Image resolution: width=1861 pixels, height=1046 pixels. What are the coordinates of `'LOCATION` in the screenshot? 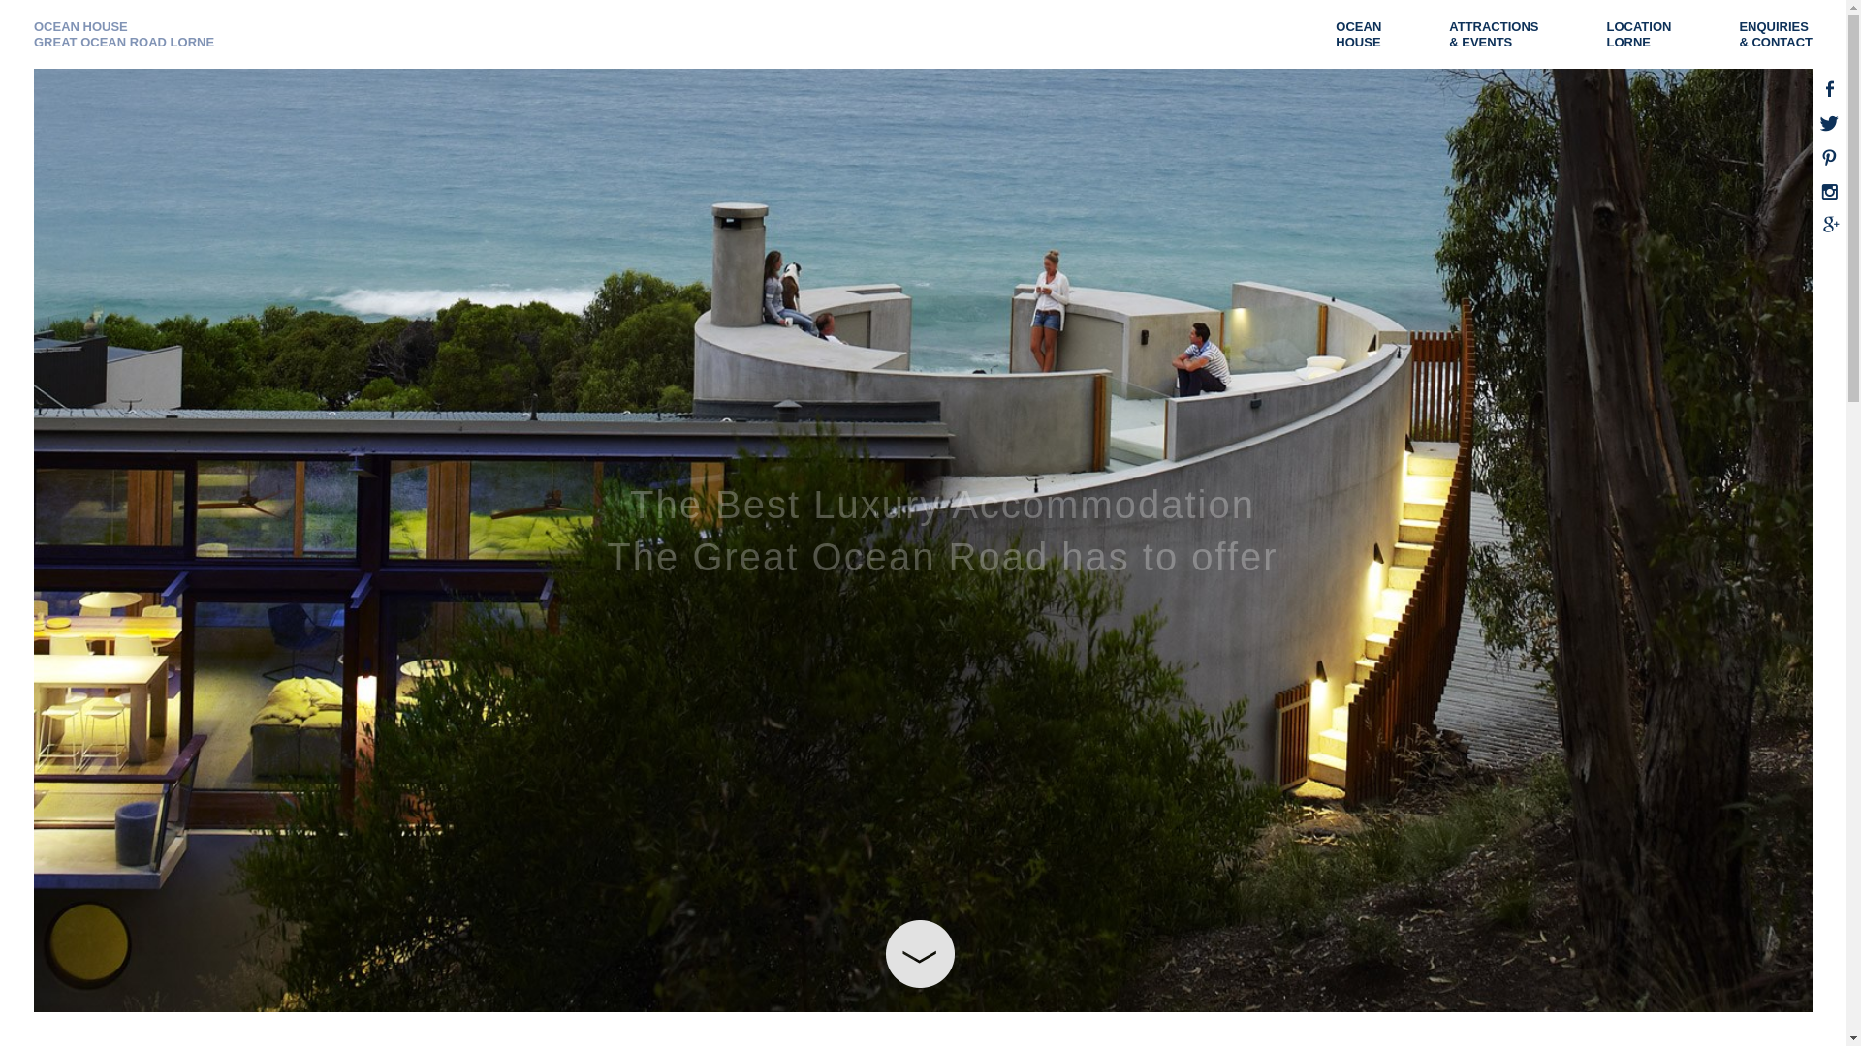 It's located at (1647, 34).